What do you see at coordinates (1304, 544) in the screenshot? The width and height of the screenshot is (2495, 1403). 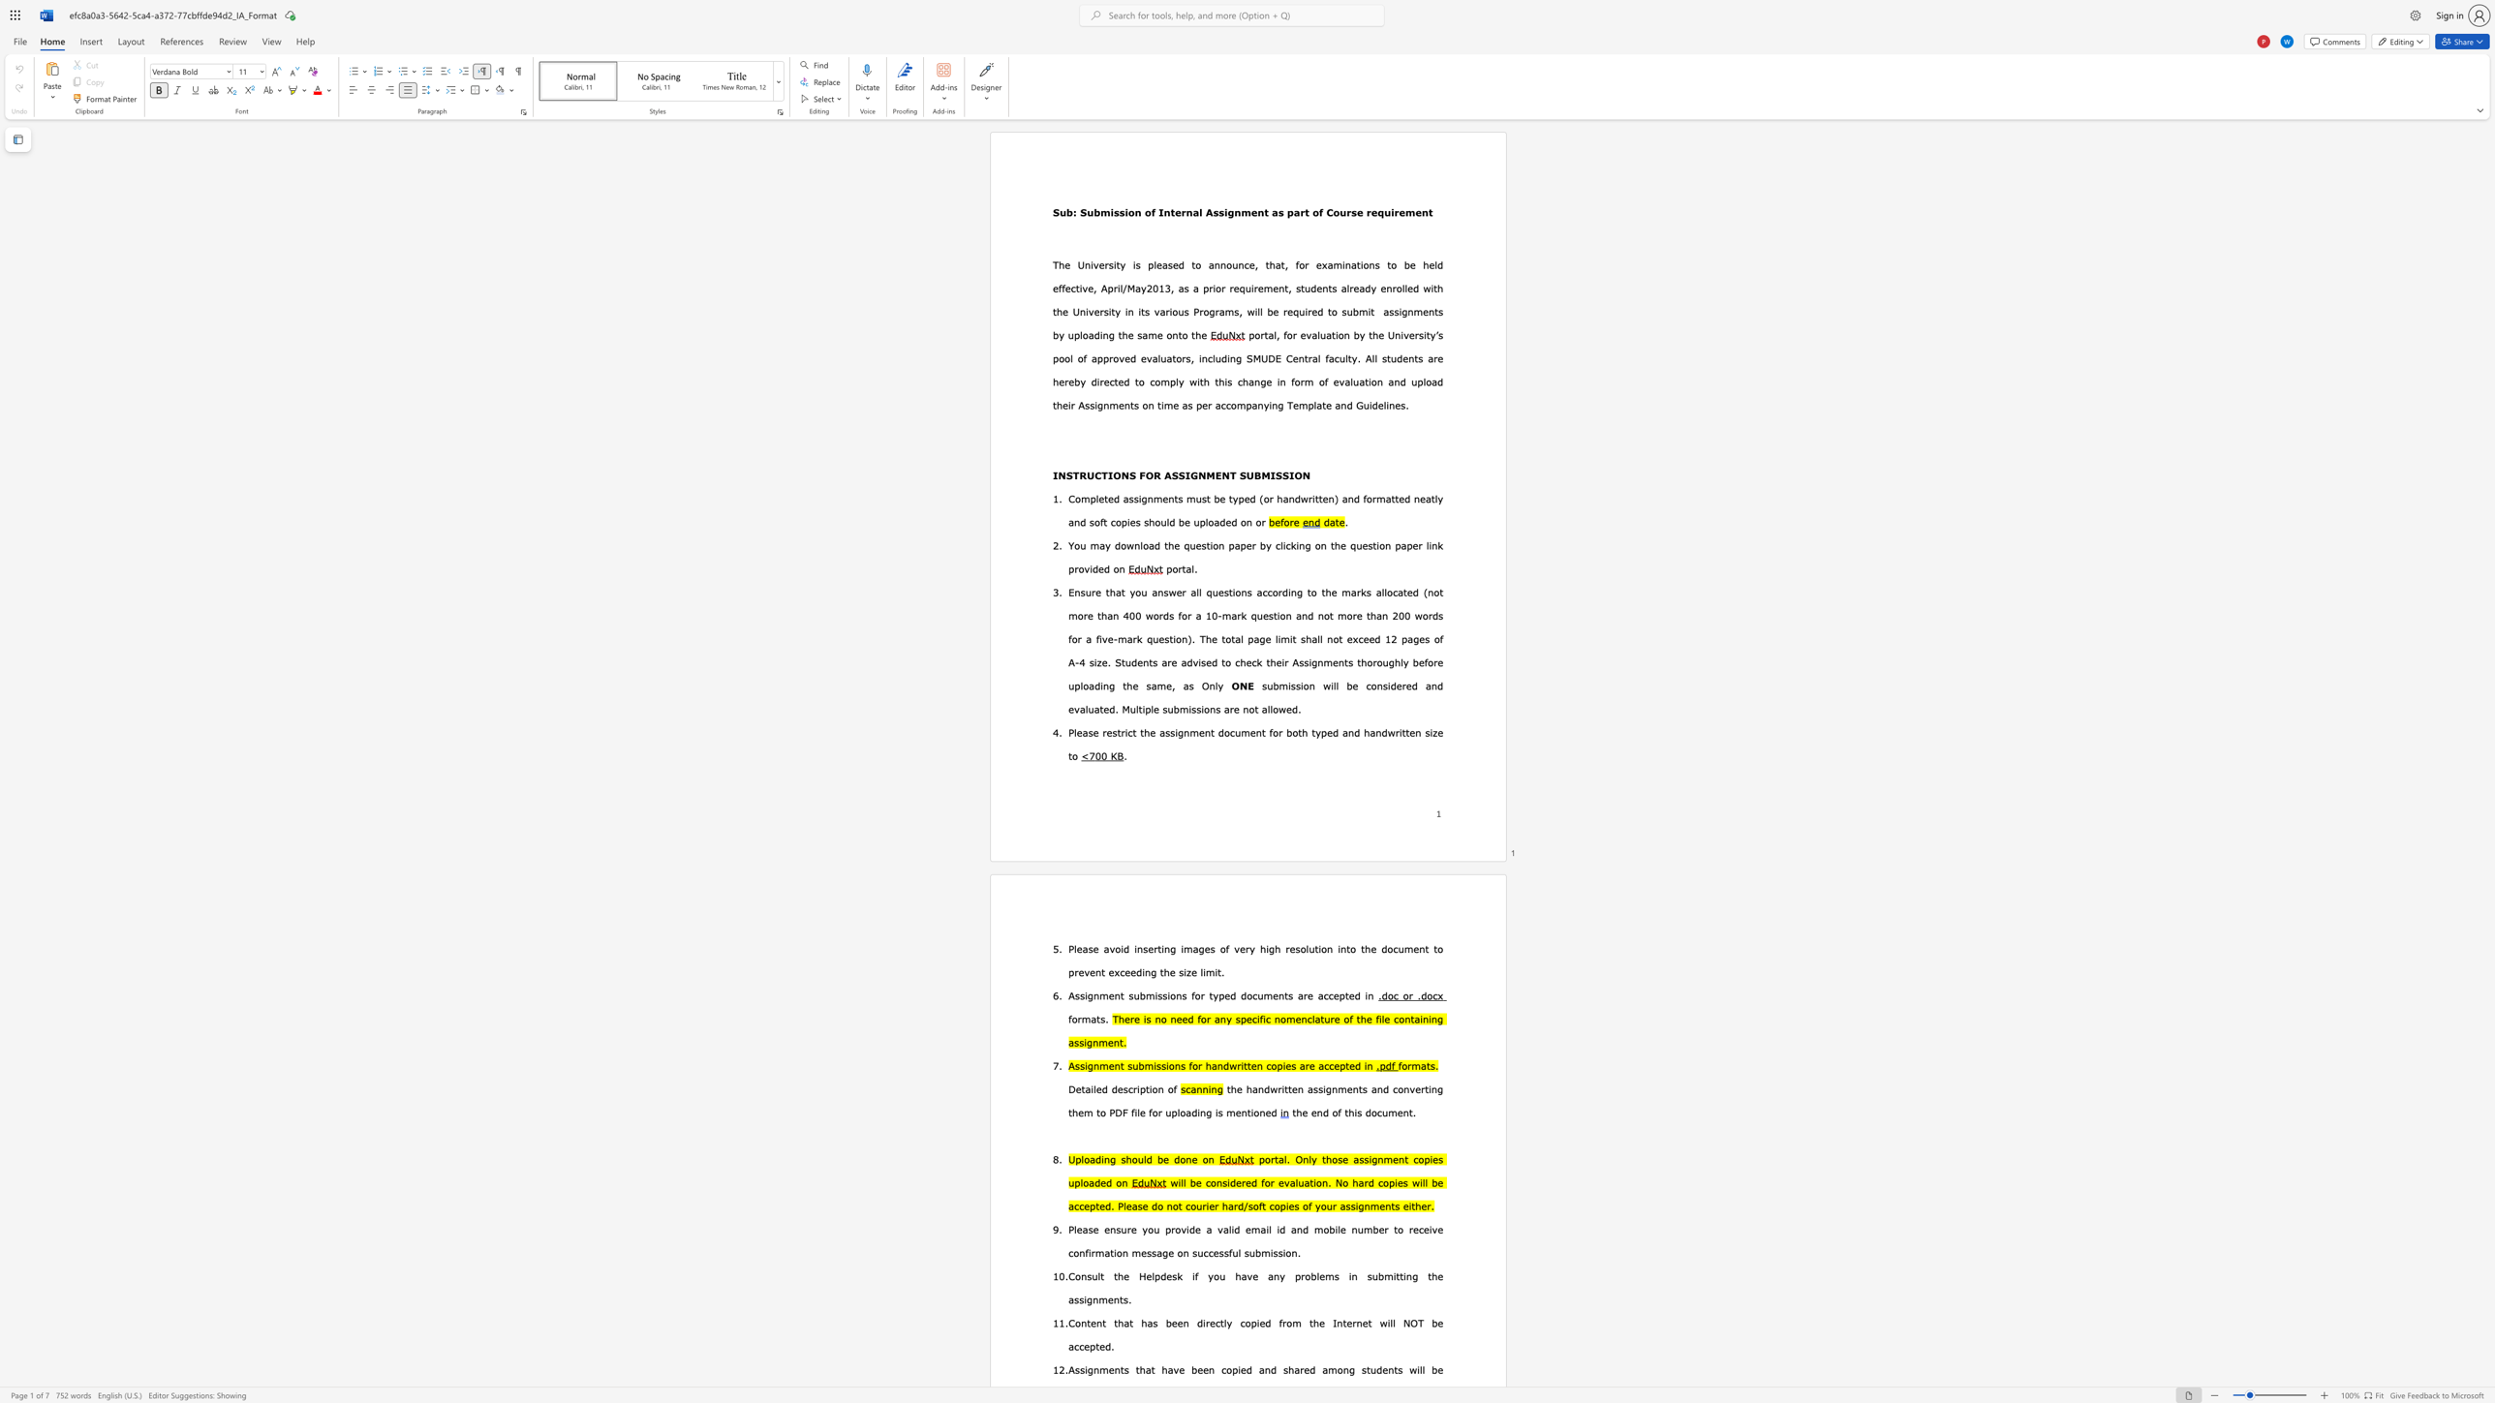 I see `the subset text "g on the question paper l" within the text "You may download the question paper by clicking on the question paper link provided on"` at bounding box center [1304, 544].